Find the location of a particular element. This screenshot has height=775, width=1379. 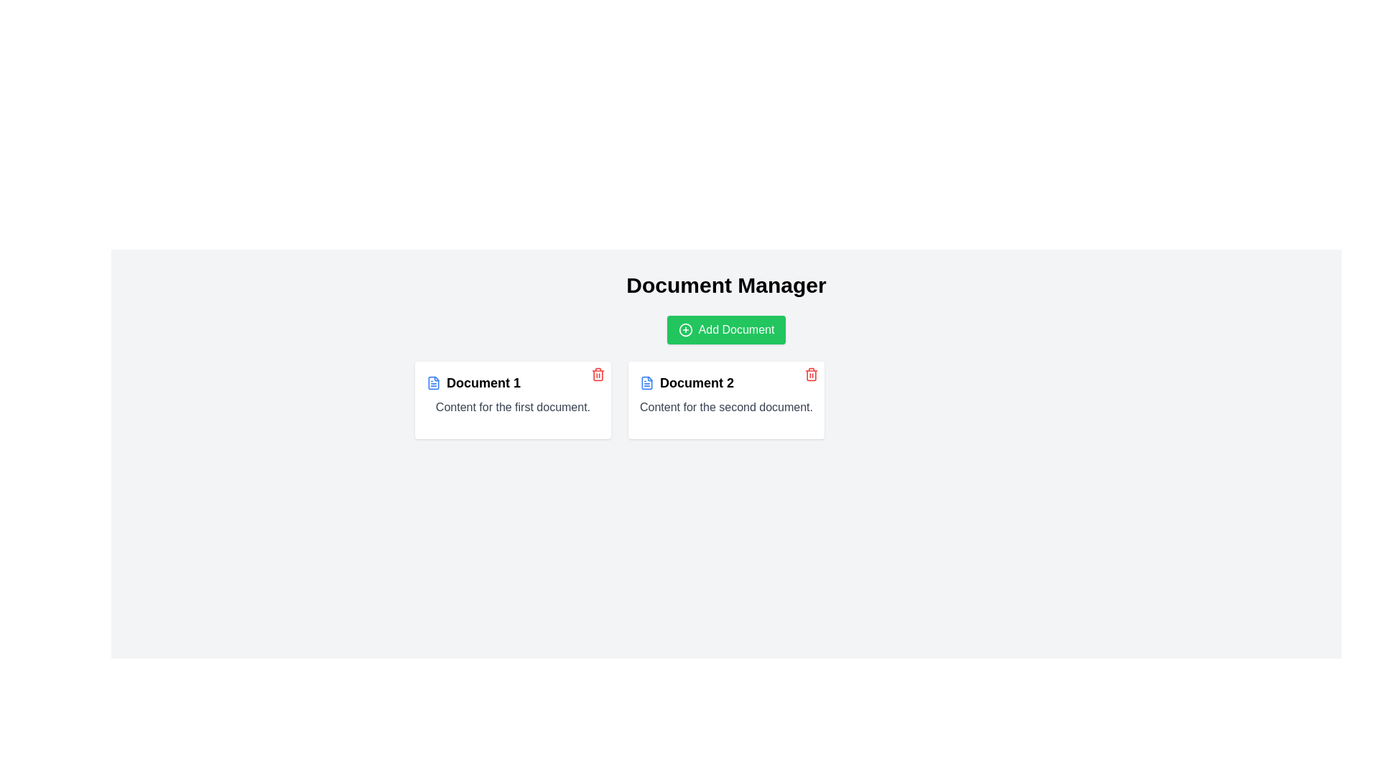

the delete button located in the upper-right corner of the card displaying 'Document 1' is located at coordinates (598, 373).